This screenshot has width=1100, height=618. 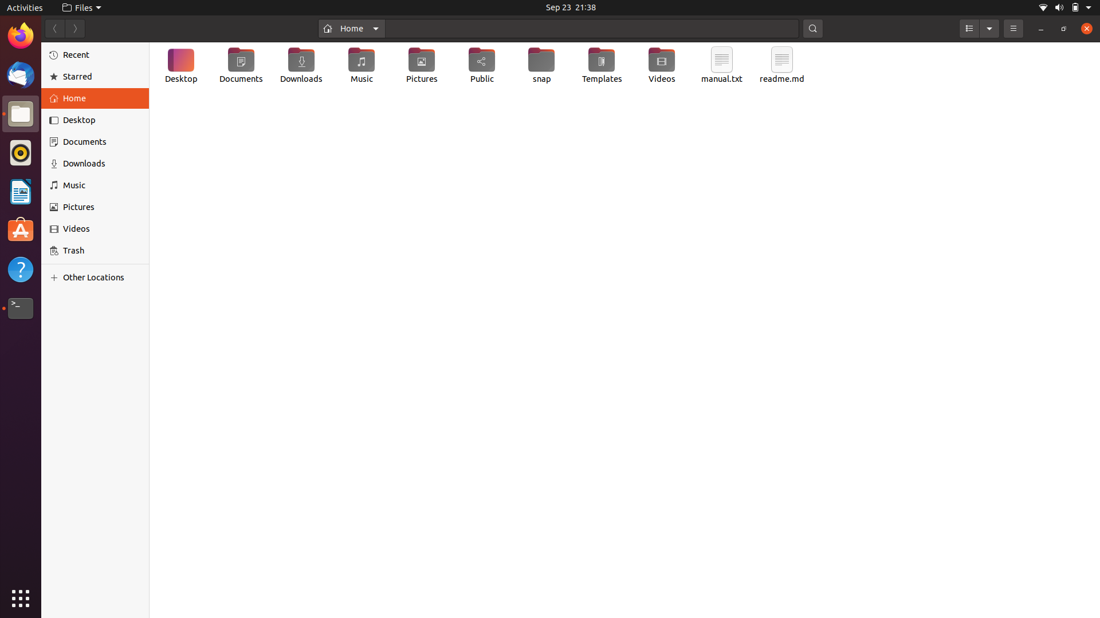 I want to click on Expand the current window to its maximum size, so click(x=1062, y=28).